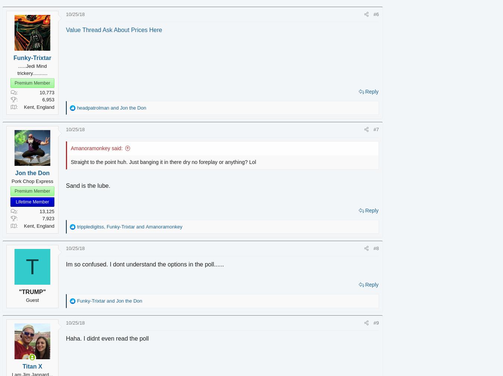  What do you see at coordinates (36, 300) in the screenshot?
I see `'Guest'` at bounding box center [36, 300].